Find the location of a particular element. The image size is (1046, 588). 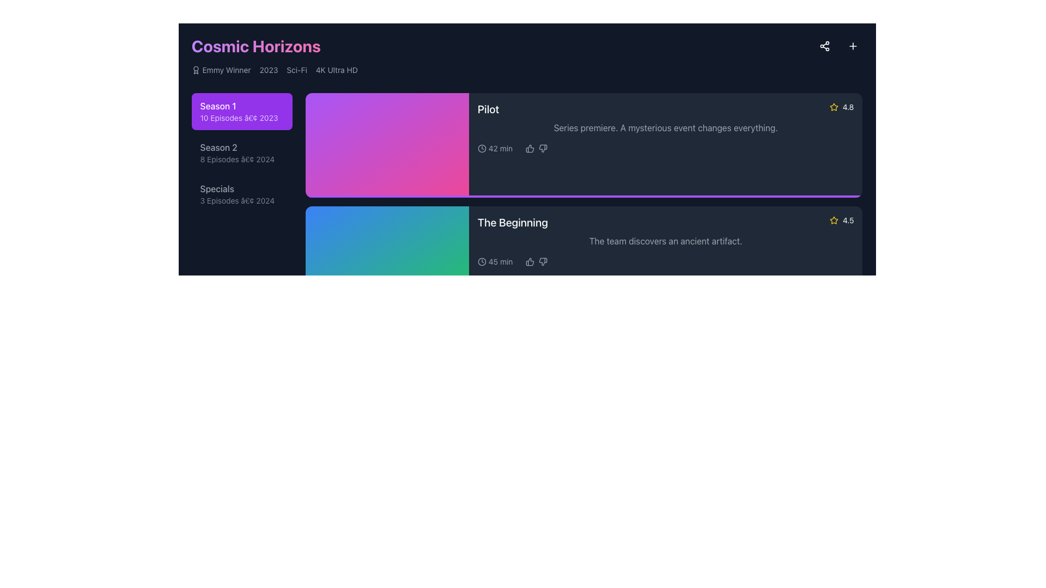

the circular vector element that resembles a clock, which is the outermost ring of the icon located in the top-right section of the interface is located at coordinates (481, 262).